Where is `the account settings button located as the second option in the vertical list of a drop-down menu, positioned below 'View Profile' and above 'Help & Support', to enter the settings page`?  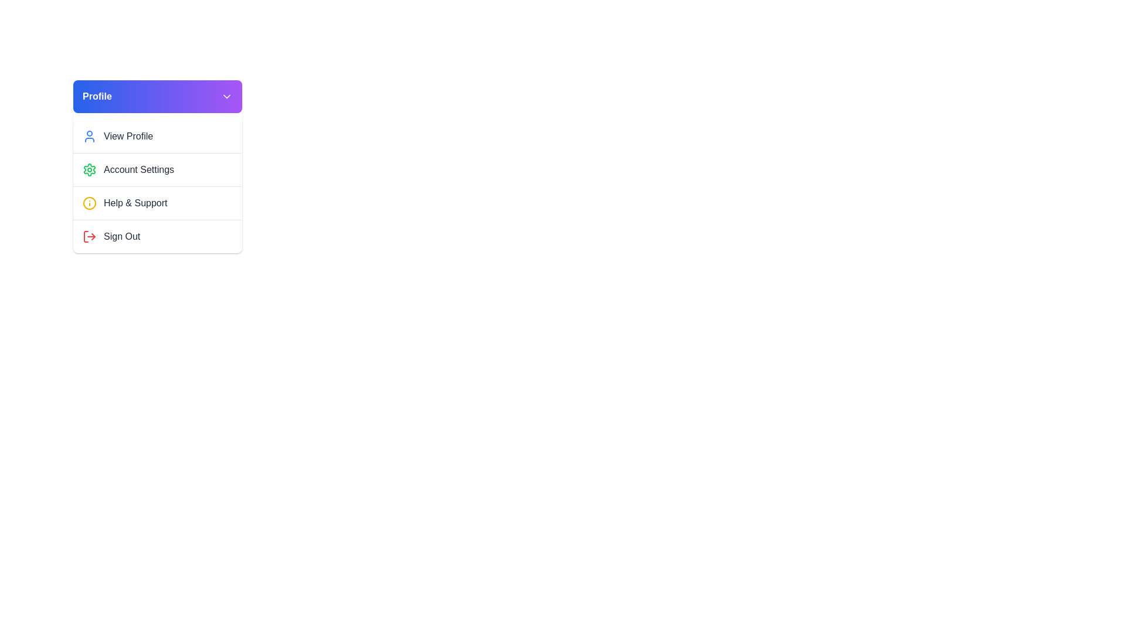
the account settings button located as the second option in the vertical list of a drop-down menu, positioned below 'View Profile' and above 'Help & Support', to enter the settings page is located at coordinates (157, 169).